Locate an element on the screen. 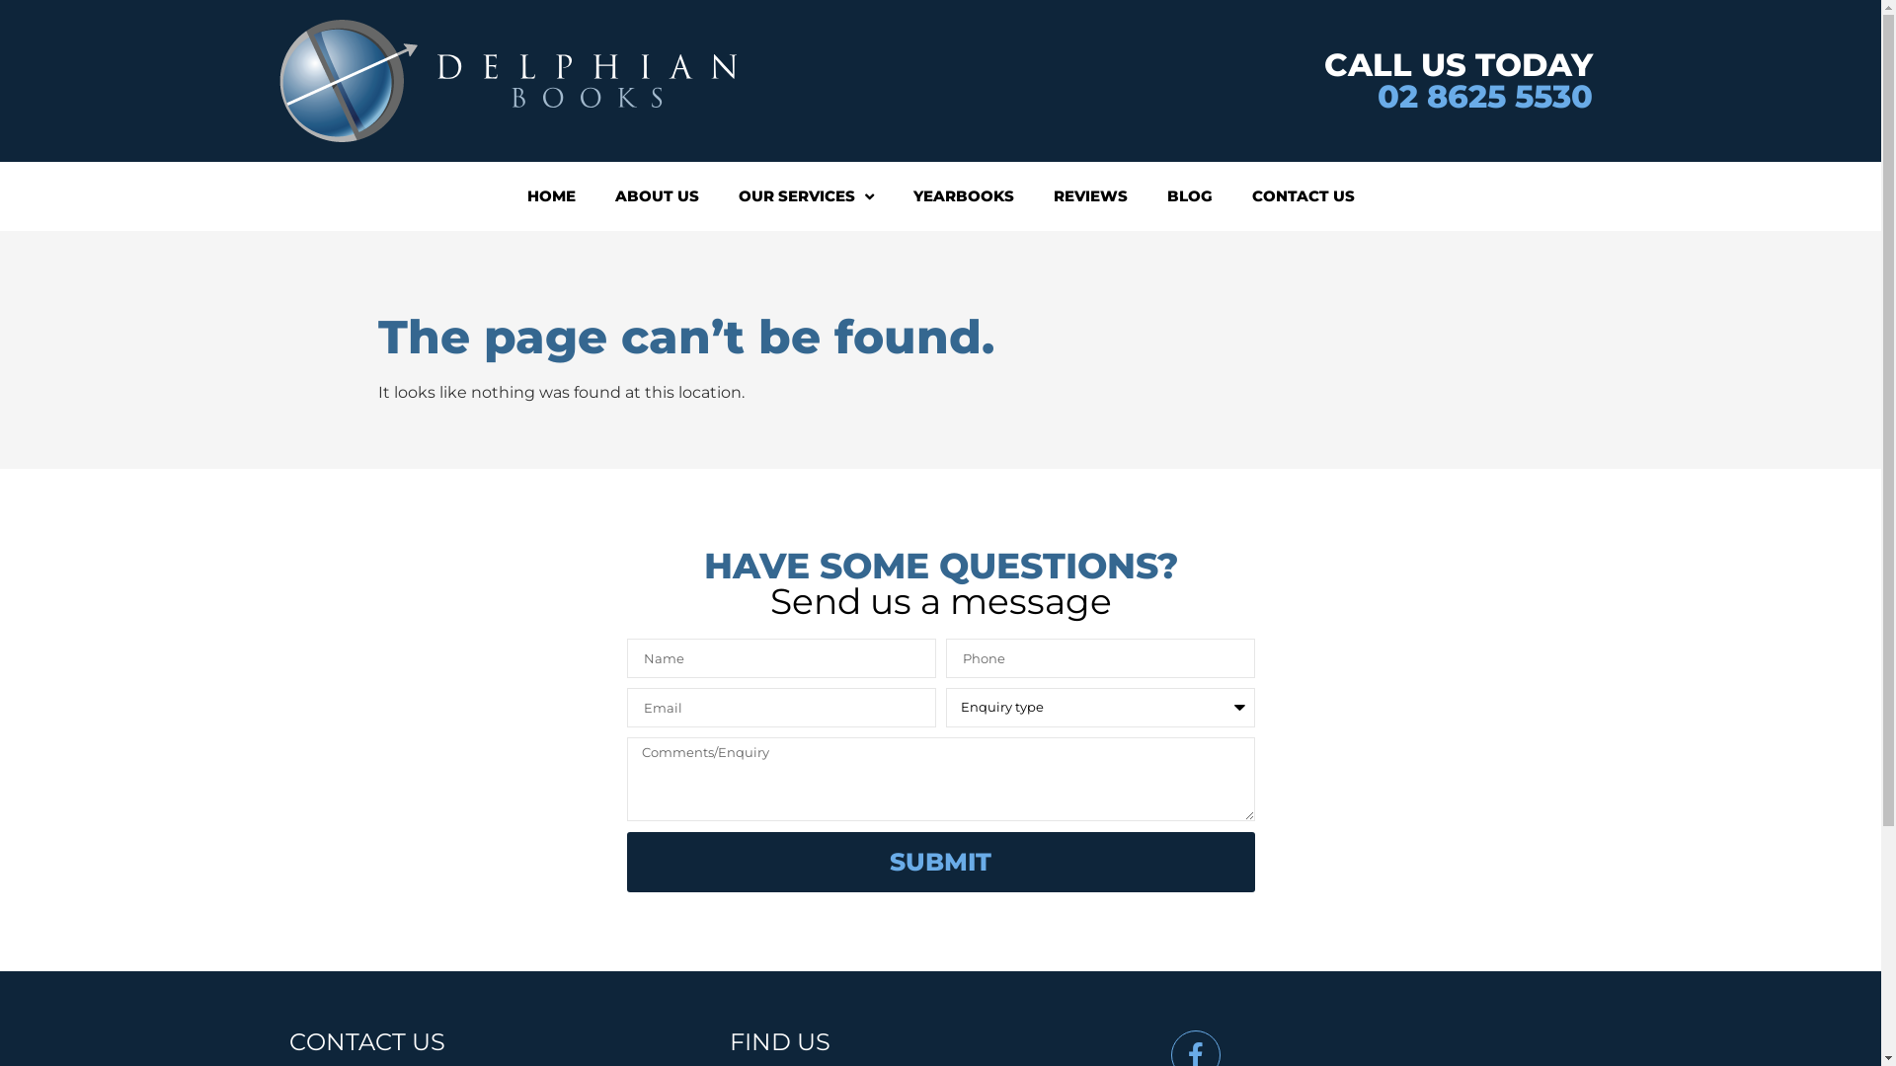 The height and width of the screenshot is (1066, 1896). 'CONTACT US' is located at coordinates (1303, 196).